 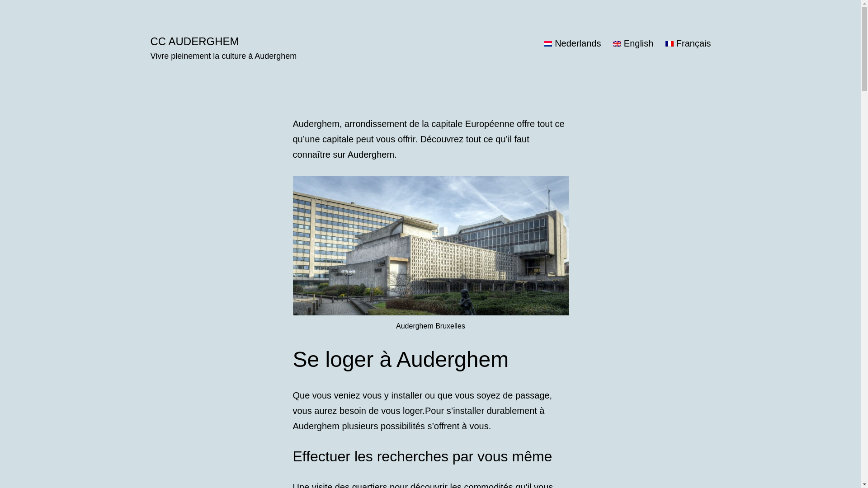 What do you see at coordinates (607, 43) in the screenshot?
I see `'English'` at bounding box center [607, 43].